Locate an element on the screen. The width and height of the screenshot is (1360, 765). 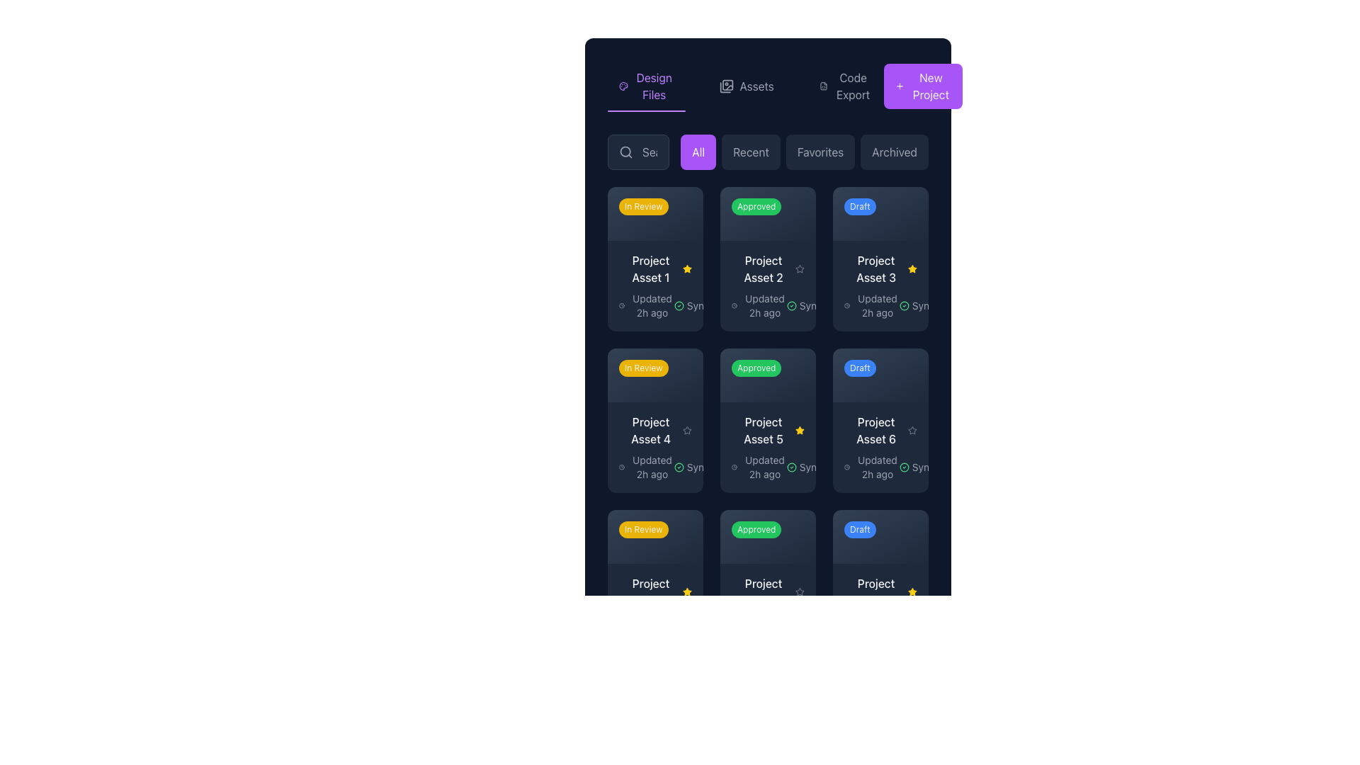
text inside the Status label that indicates project approval, located in the top left corner of the card in the second column of the third row of the grid is located at coordinates (756, 529).